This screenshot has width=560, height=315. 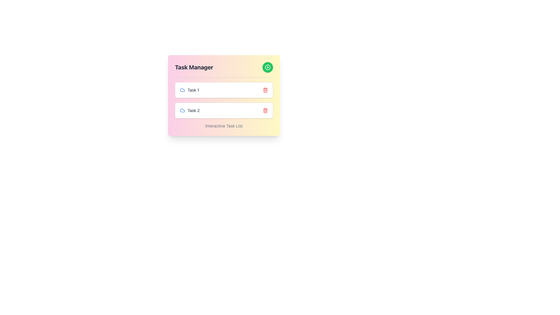 I want to click on the text content of the 'Task 1' label located at the top of the task list in the 'Task Manager', which is adjacent to a blue cloud icon, so click(x=193, y=90).